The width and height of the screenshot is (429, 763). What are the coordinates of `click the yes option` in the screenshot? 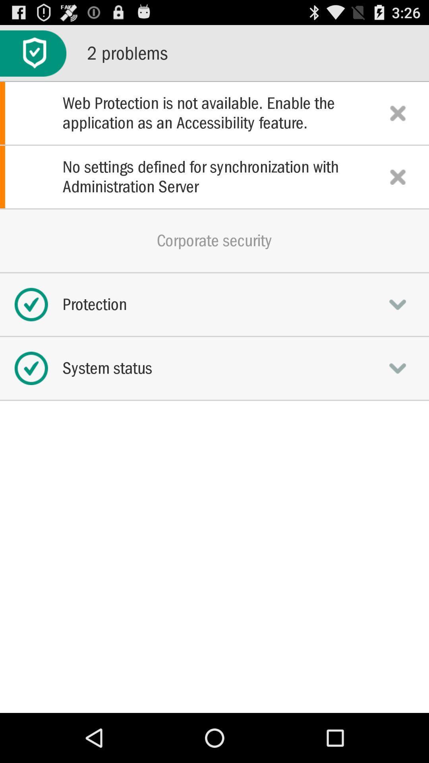 It's located at (398, 304).